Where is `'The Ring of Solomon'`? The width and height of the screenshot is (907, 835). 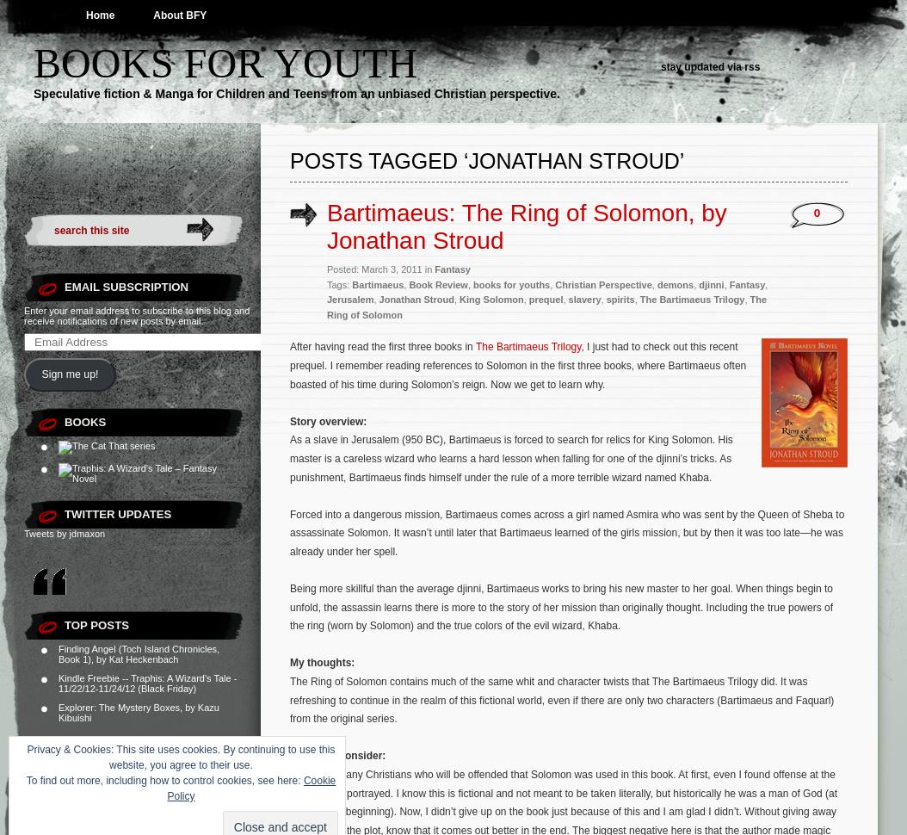
'The Ring of Solomon' is located at coordinates (546, 306).